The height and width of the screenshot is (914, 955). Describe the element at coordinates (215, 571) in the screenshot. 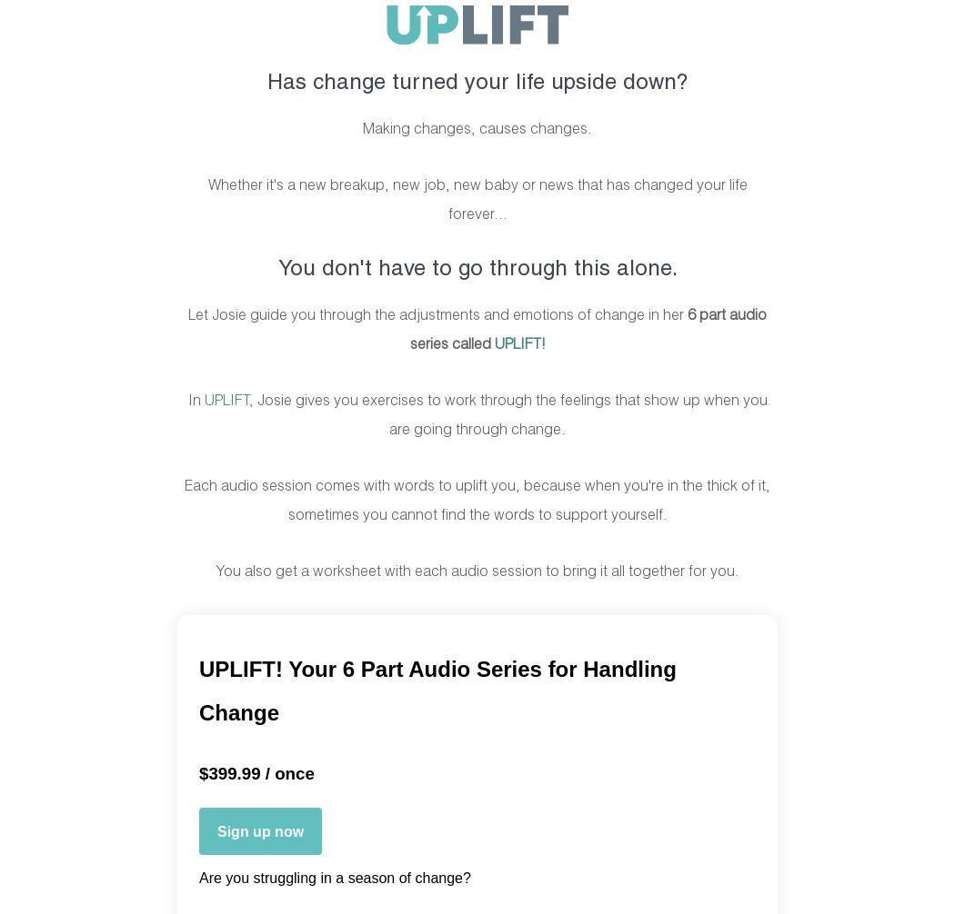

I see `'You also get a worksheet with each audio session to bring it all together for you.'` at that location.